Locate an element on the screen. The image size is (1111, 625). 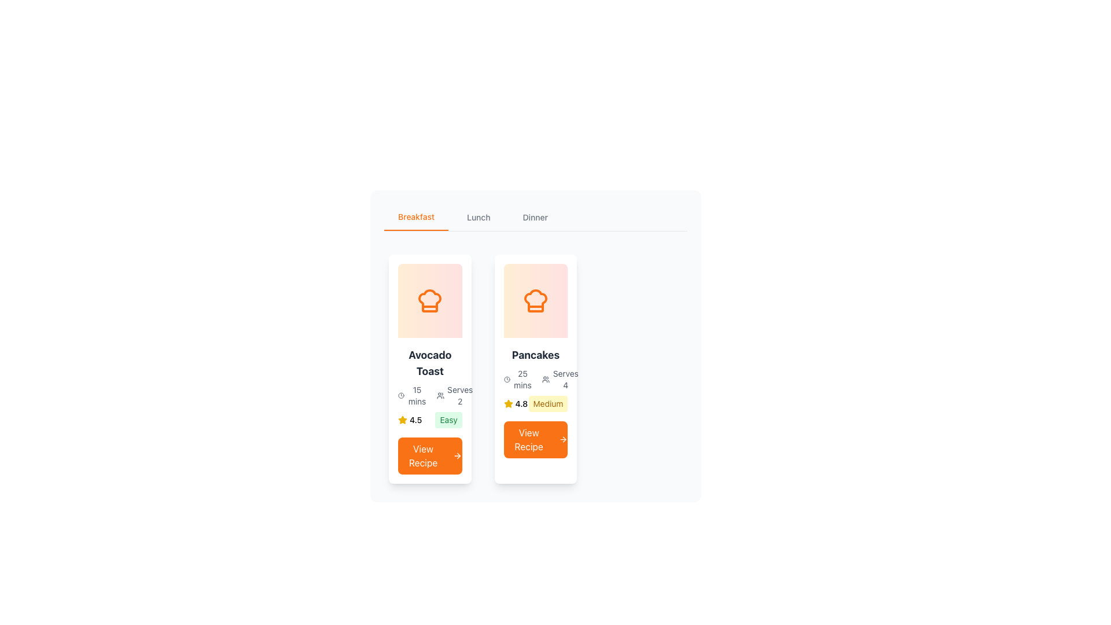
the Informational Text Block displaying 'Serves 2' with the user icon, located within the 'Avocado Toast' card, just below the title is located at coordinates (454, 395).